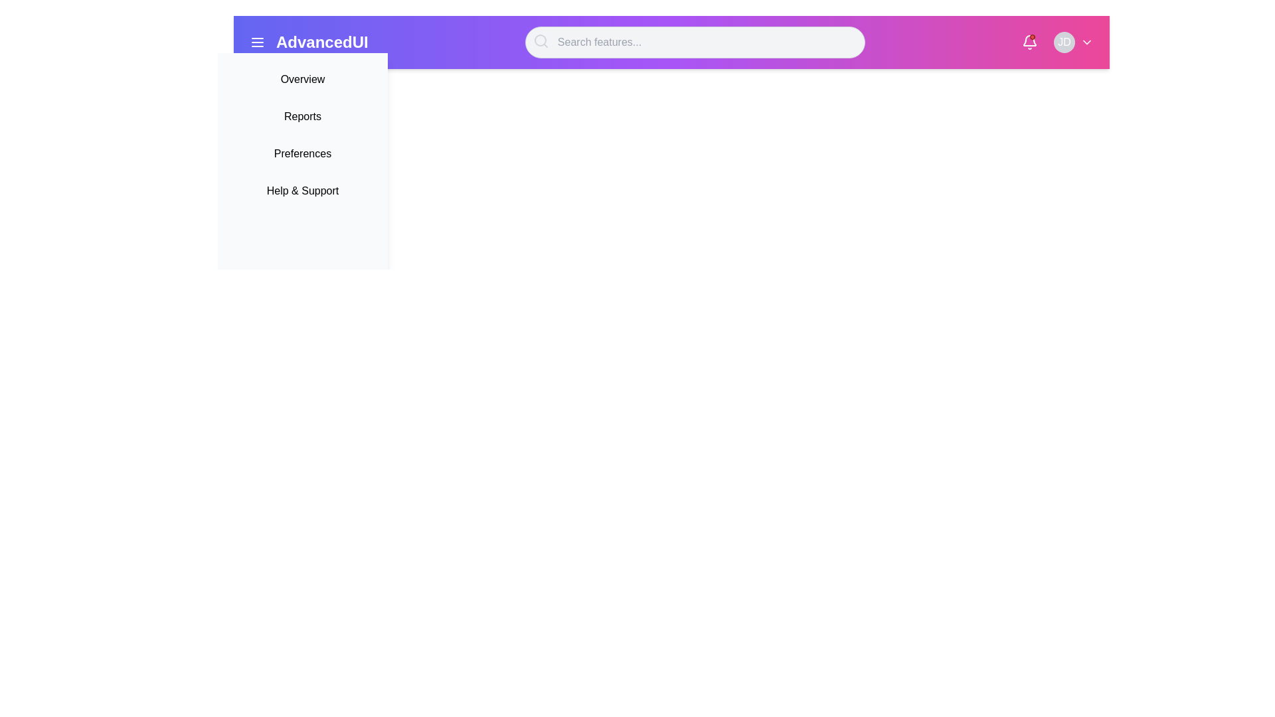 This screenshot has width=1275, height=717. I want to click on the navigation menu button located to the left of the 'AdvancedUI' text, so click(258, 42).